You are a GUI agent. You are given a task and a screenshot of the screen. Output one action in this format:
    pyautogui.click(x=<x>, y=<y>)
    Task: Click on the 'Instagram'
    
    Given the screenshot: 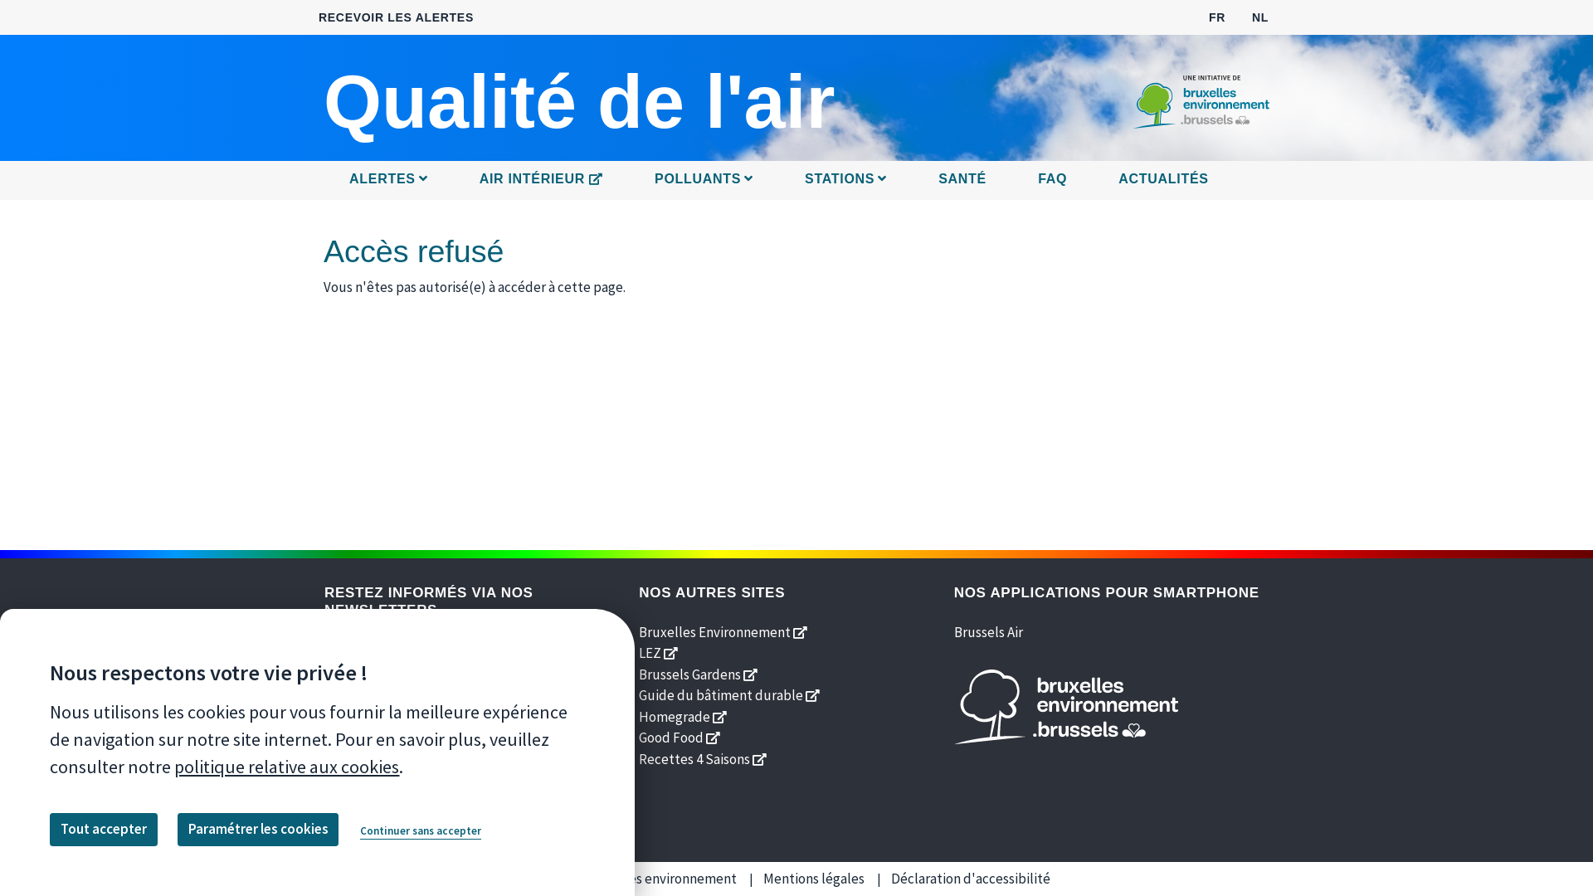 What is the action you would take?
    pyautogui.click(x=476, y=751)
    